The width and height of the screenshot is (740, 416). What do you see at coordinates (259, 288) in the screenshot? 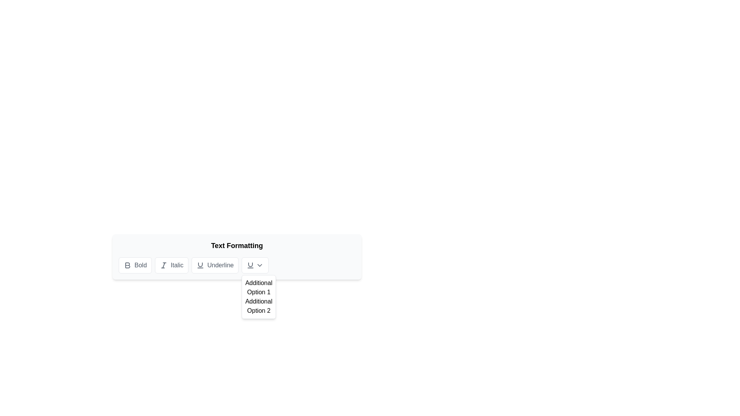
I see `the first option in the dropdown list located beneath the text formatting bar` at bounding box center [259, 288].